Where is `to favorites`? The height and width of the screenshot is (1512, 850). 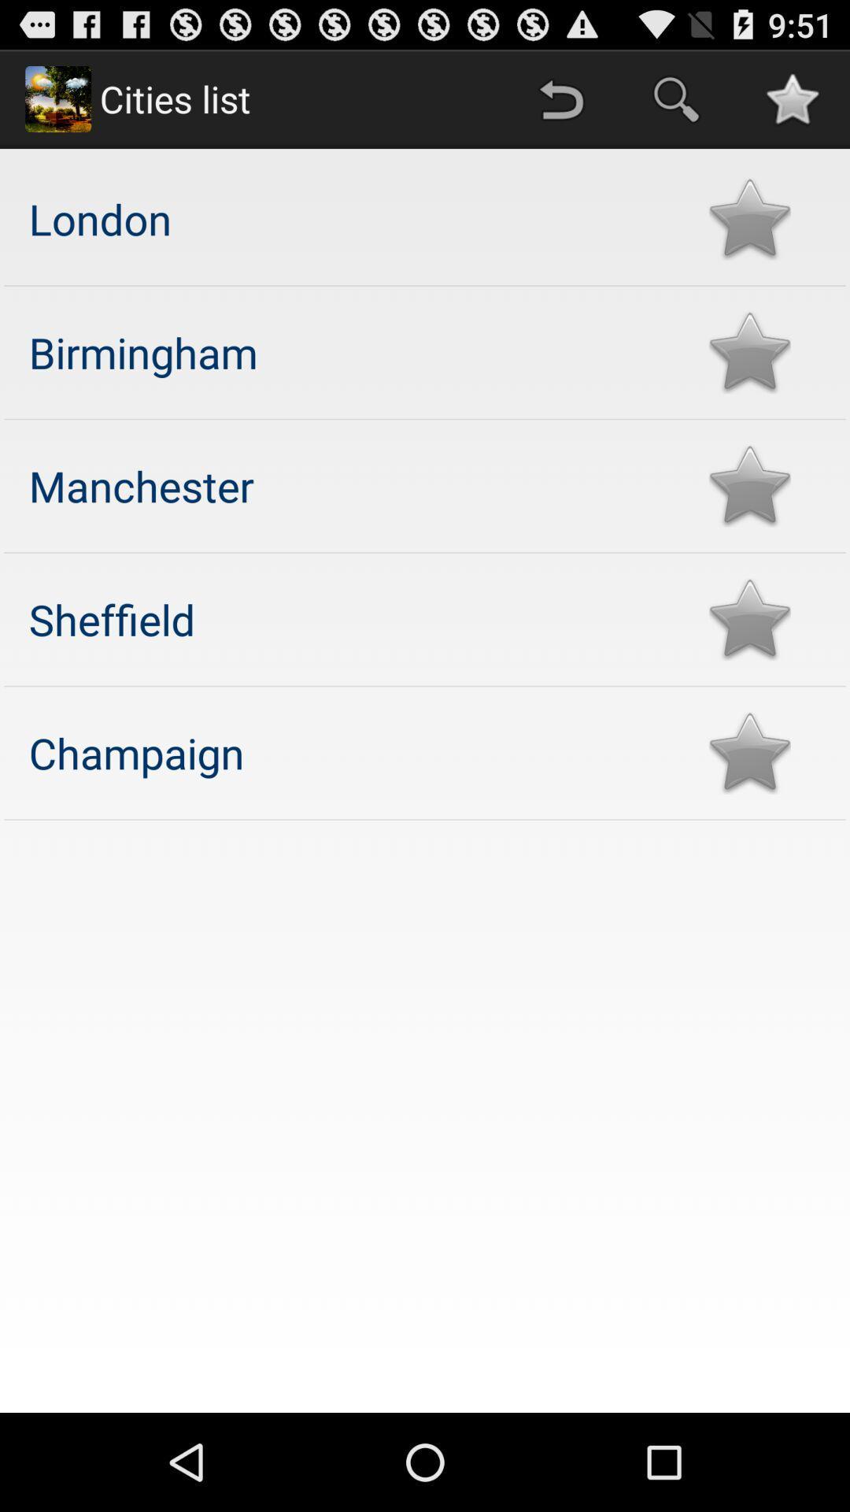
to favorites is located at coordinates (748, 351).